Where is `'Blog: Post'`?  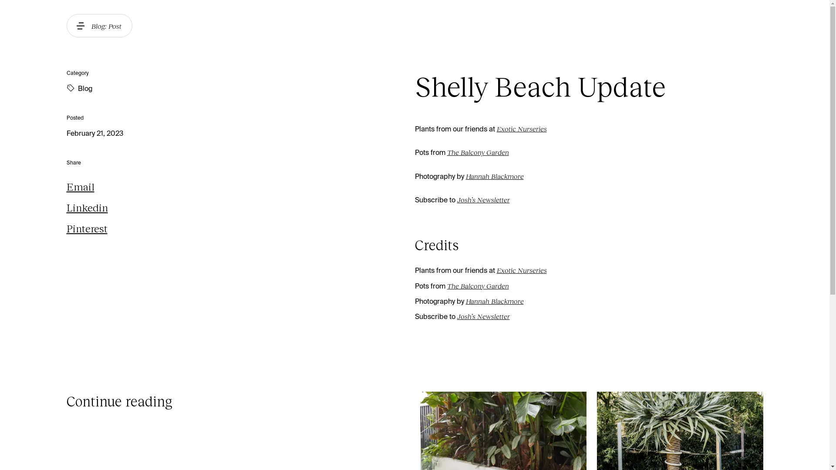 'Blog: Post' is located at coordinates (99, 25).